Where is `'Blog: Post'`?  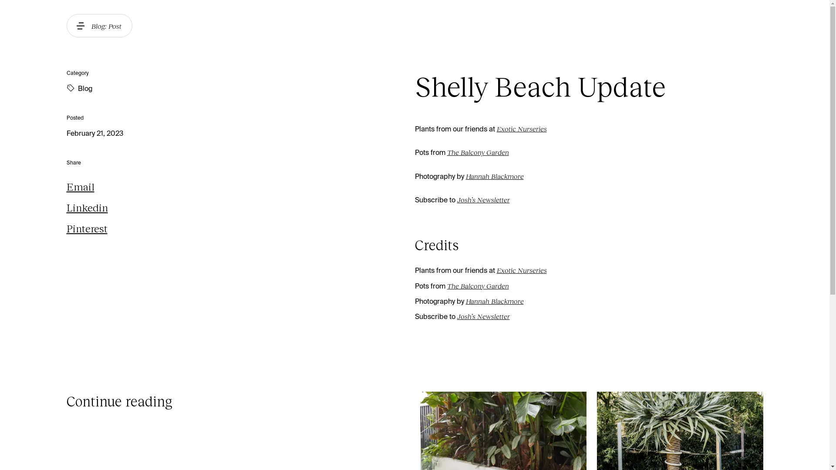 'Blog: Post' is located at coordinates (99, 25).